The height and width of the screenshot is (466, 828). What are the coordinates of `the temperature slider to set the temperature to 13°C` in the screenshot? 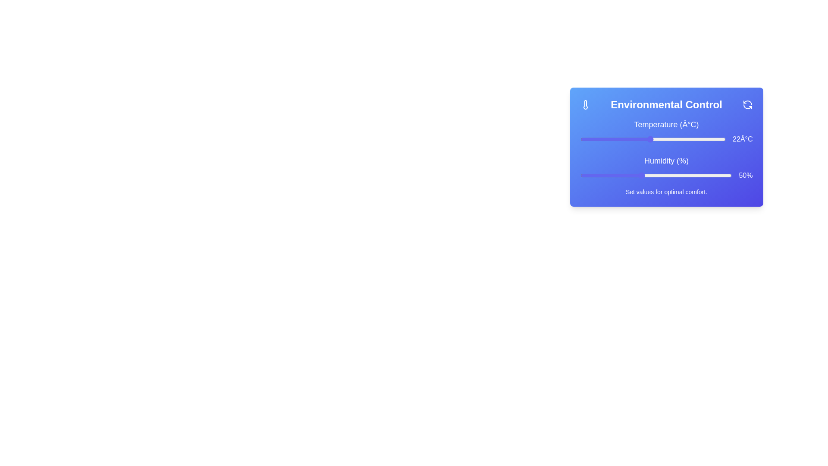 It's located at (597, 139).